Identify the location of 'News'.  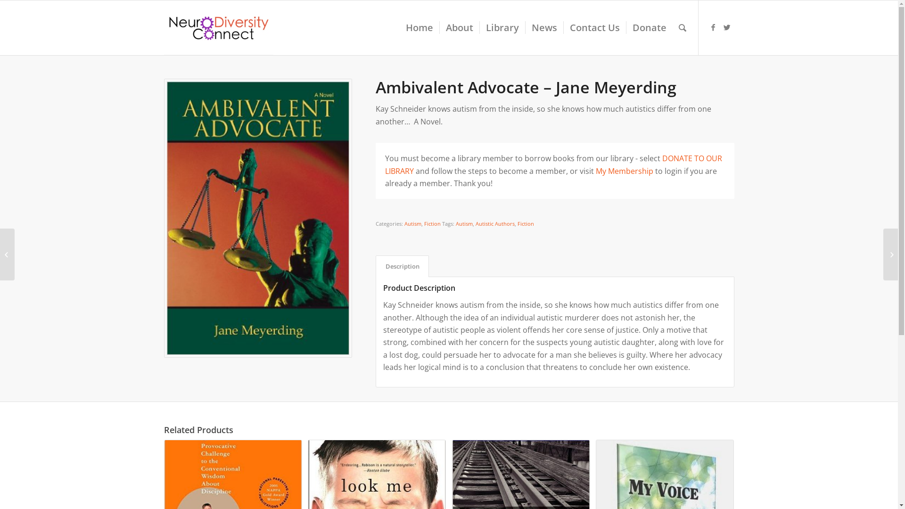
(544, 27).